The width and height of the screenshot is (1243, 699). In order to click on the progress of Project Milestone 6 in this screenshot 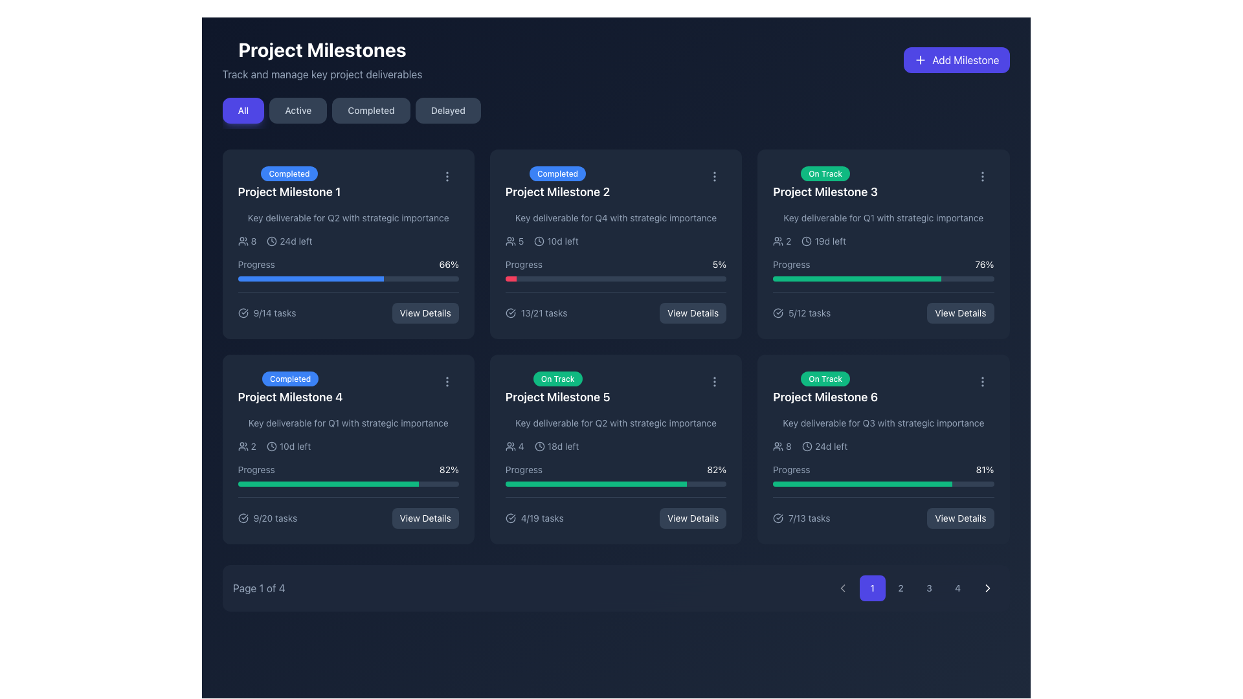, I will do `click(926, 484)`.